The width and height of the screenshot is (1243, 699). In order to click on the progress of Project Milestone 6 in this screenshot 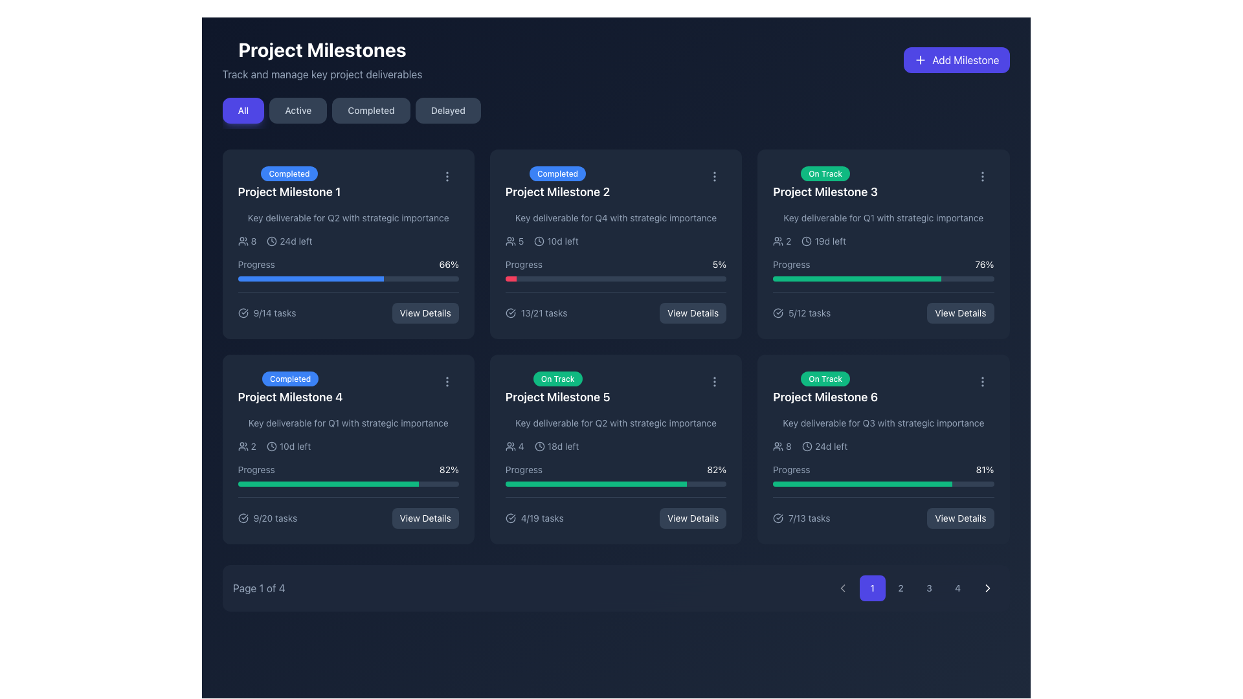, I will do `click(926, 484)`.